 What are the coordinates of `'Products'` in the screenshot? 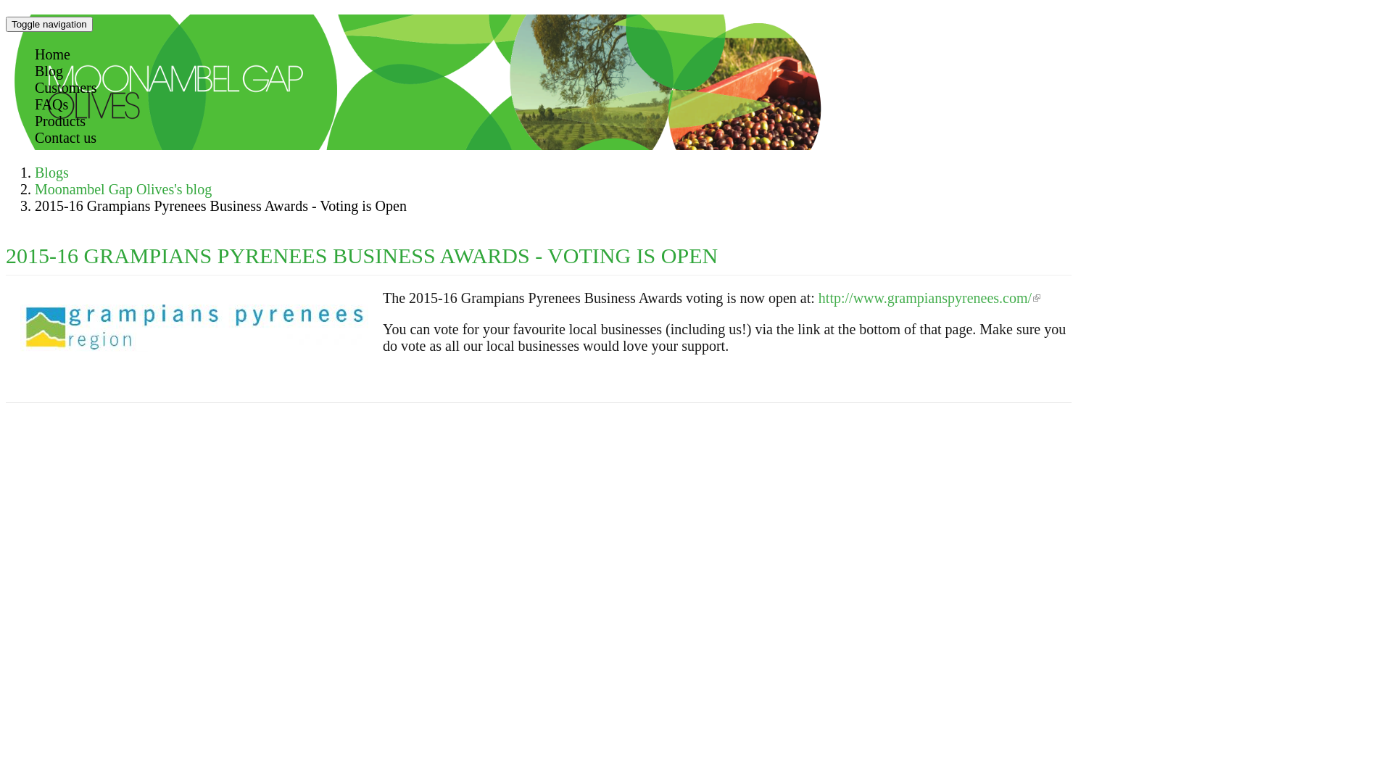 It's located at (59, 120).